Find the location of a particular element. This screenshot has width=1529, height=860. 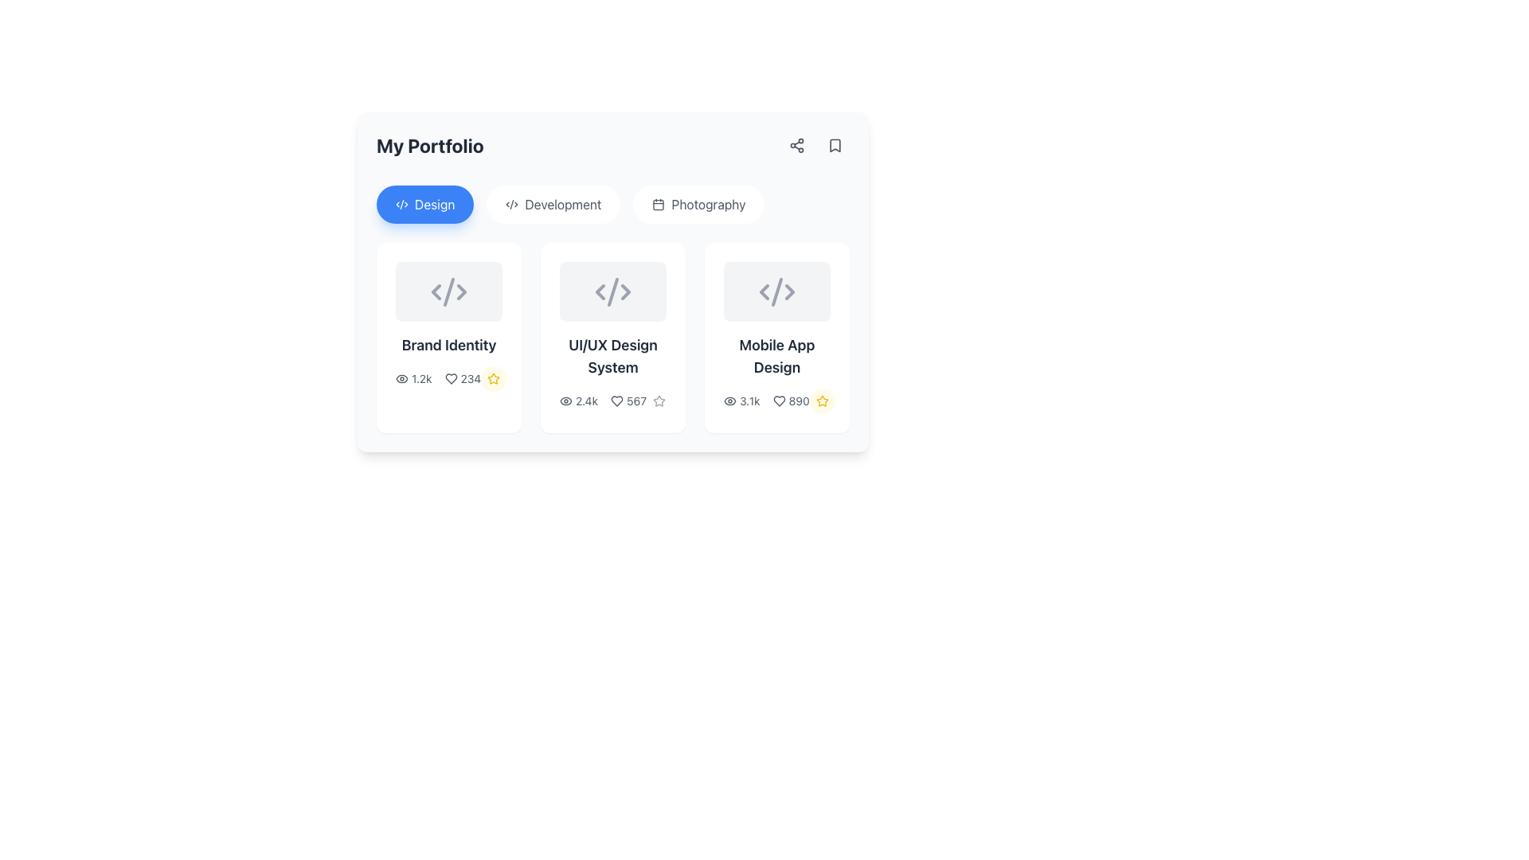

the star-shaped icon located at the bottom right of the 'UI/UX Design System' card is located at coordinates (659, 401).